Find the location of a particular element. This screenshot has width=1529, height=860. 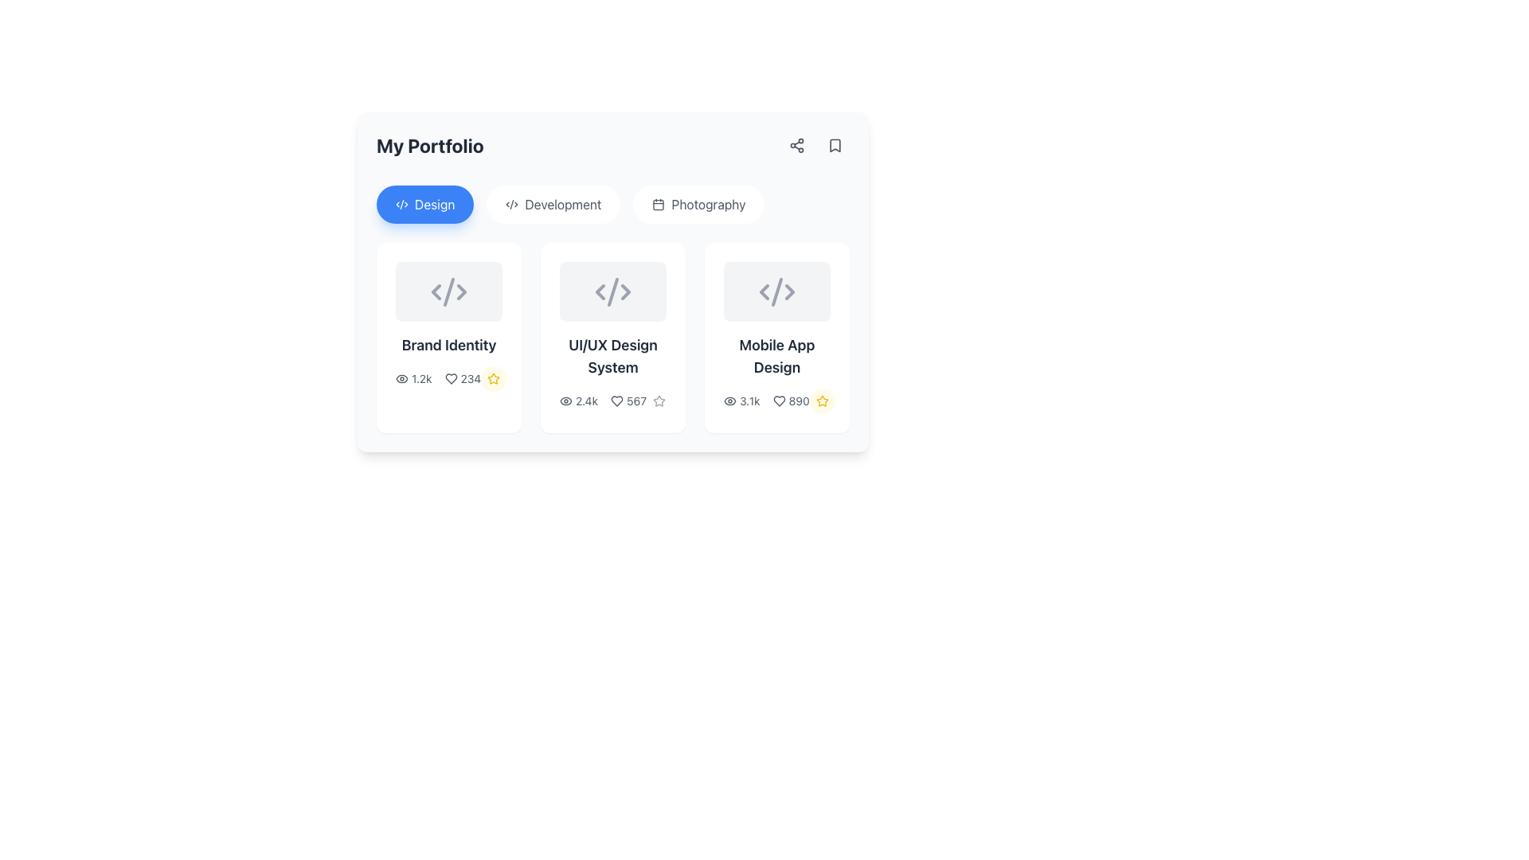

the star-shaped icon located at the bottom right of the 'UI/UX Design System' card is located at coordinates (659, 401).